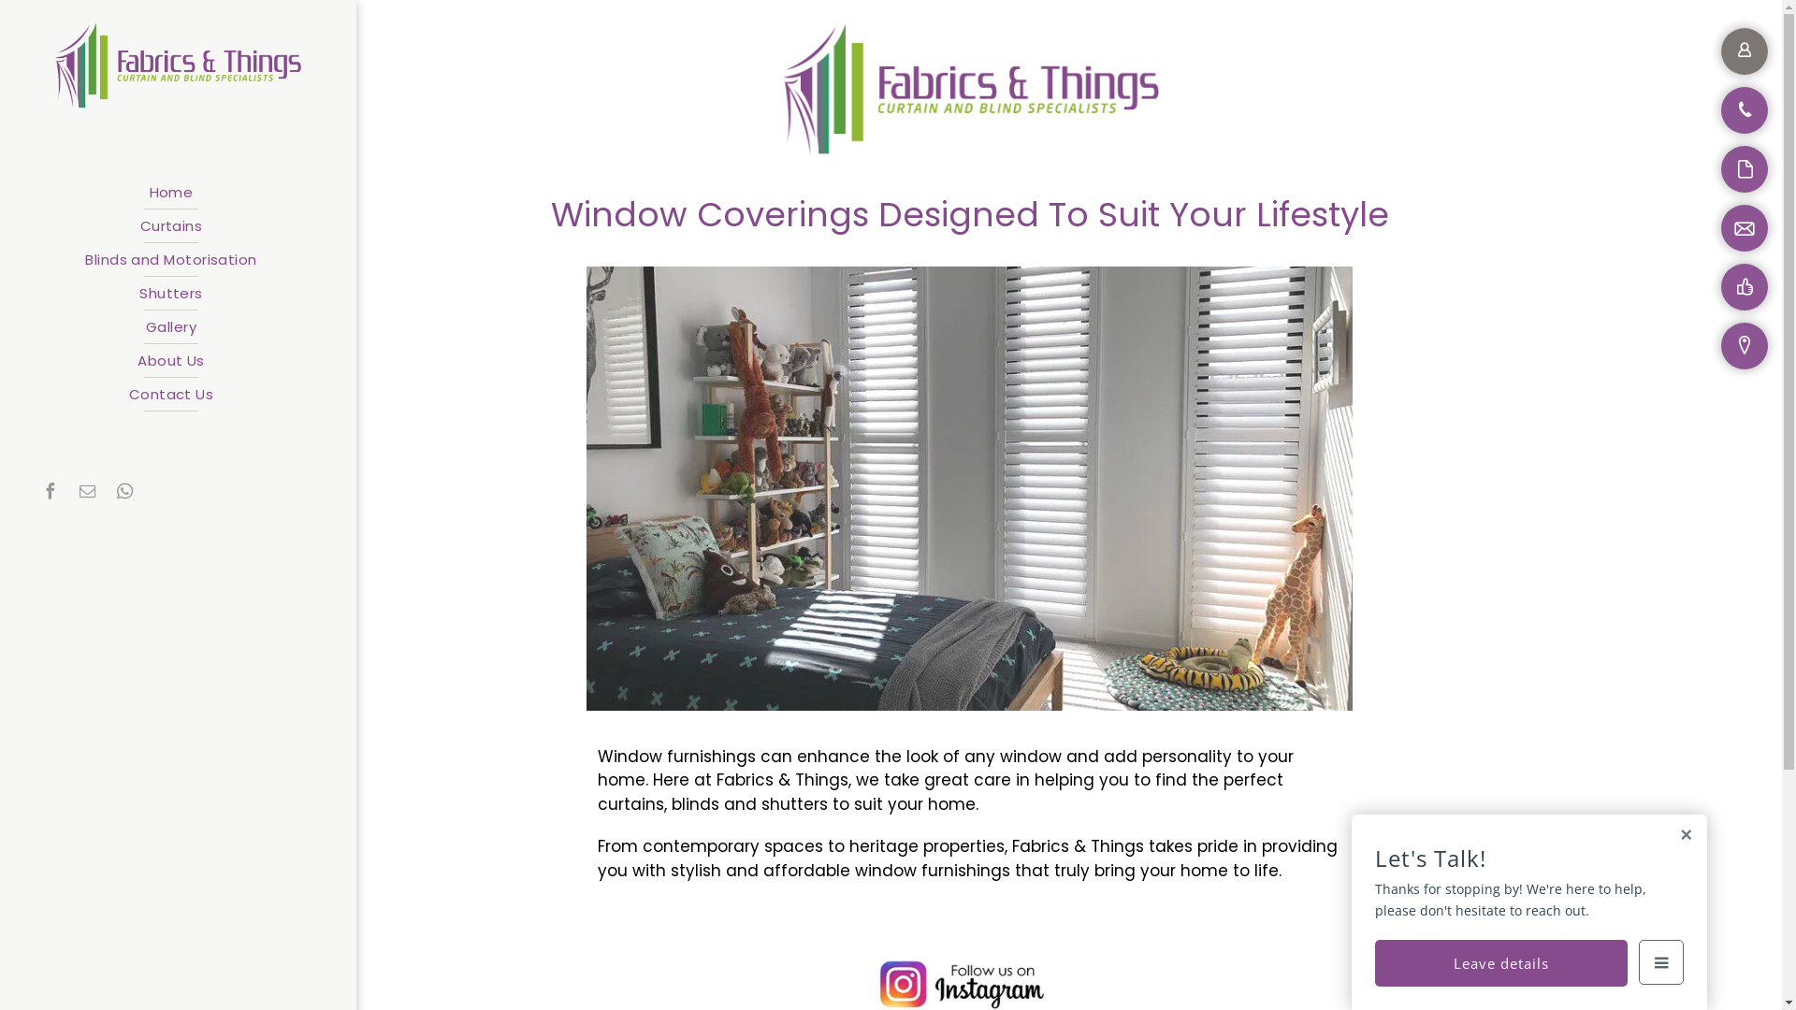 This screenshot has height=1010, width=1796. I want to click on 'Blinds and Motorisation', so click(170, 259).